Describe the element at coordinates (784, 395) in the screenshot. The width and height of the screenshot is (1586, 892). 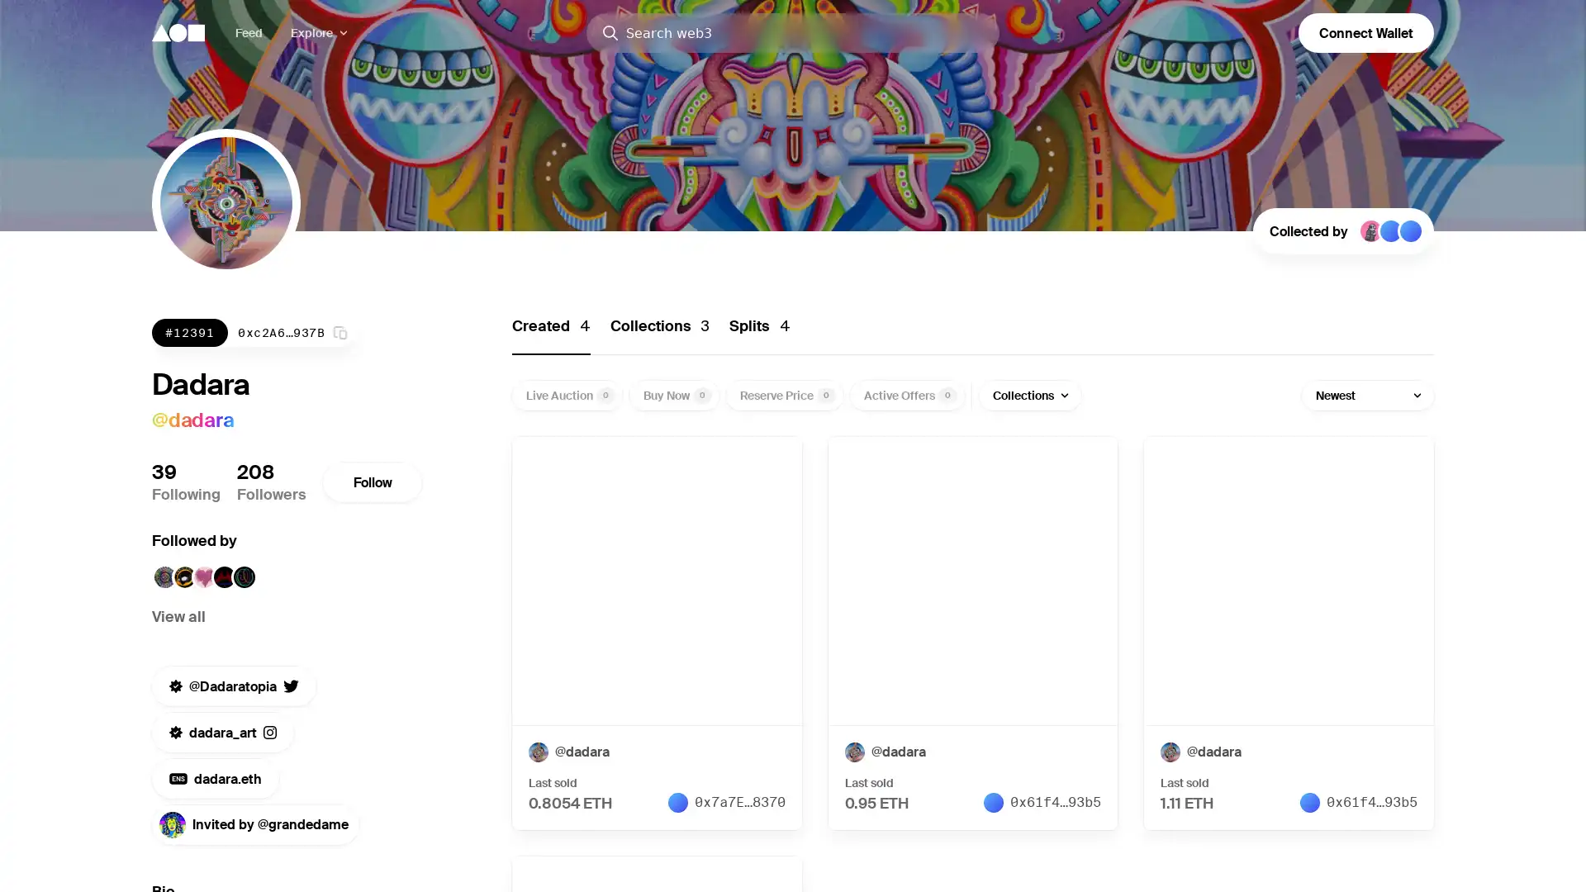
I see `Reserve Price 0` at that location.